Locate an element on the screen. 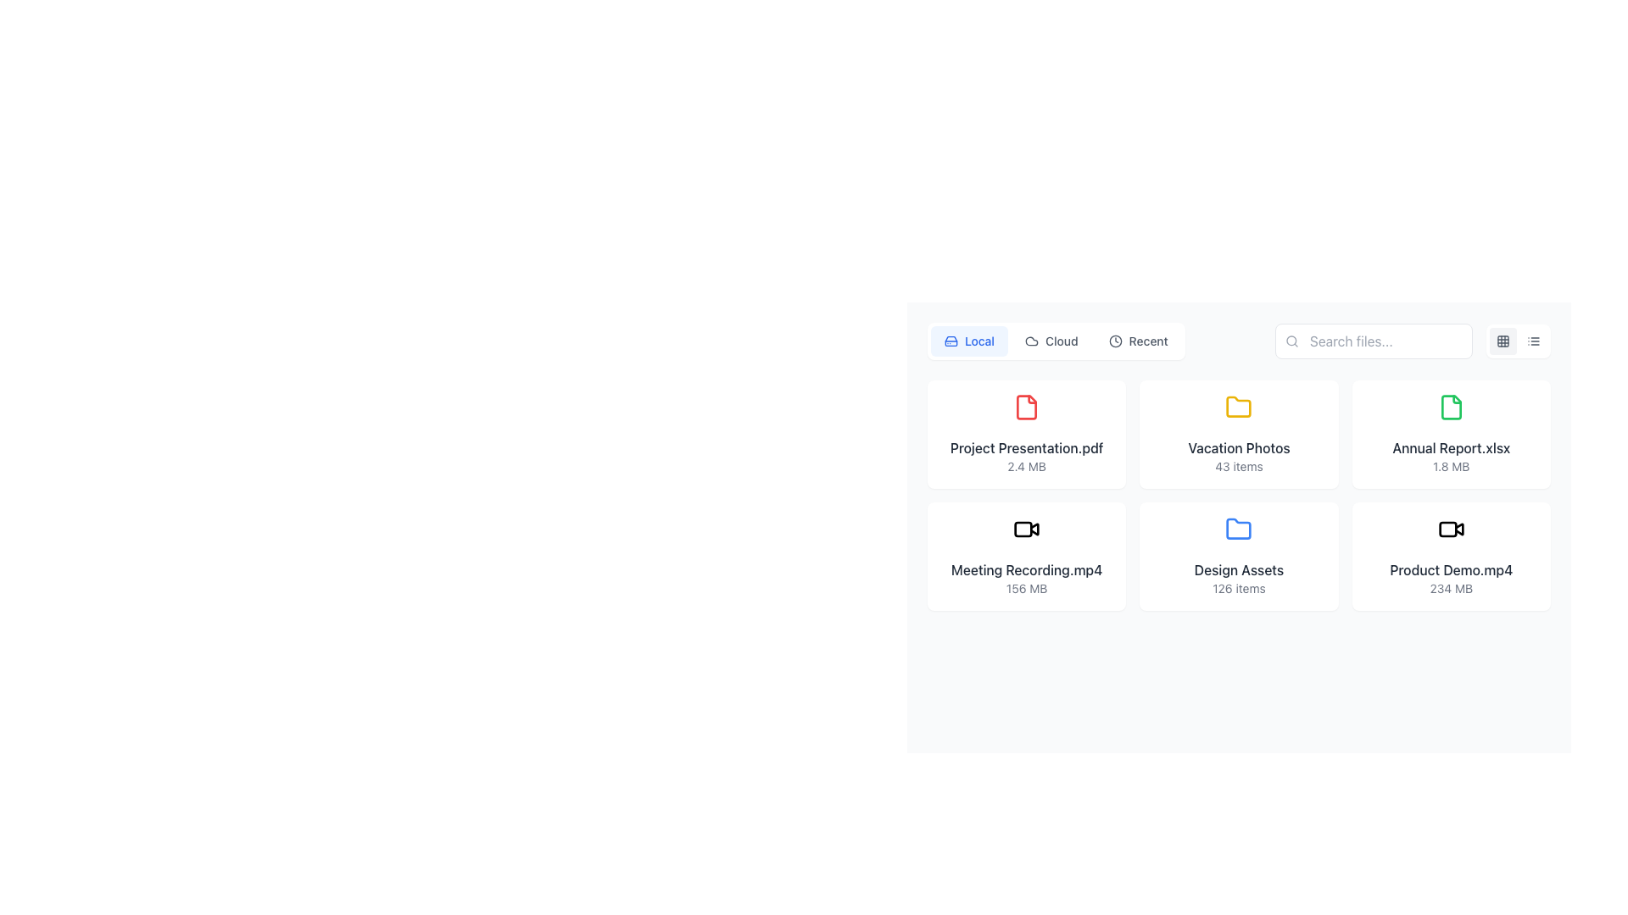 The height and width of the screenshot is (915, 1628). the text label displaying '1.8 MB' that is positioned directly below the file name 'Annual Report.xlsx' in the grid layout is located at coordinates (1450, 467).